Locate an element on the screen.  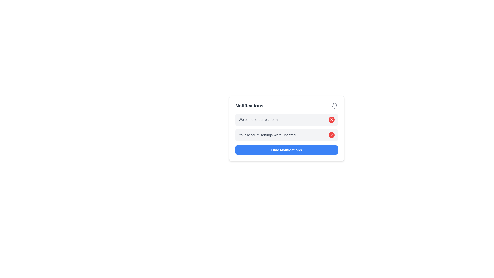
the close icon within the circular button located to the right of the 'Welcome to our platform!' text is located at coordinates (332, 120).